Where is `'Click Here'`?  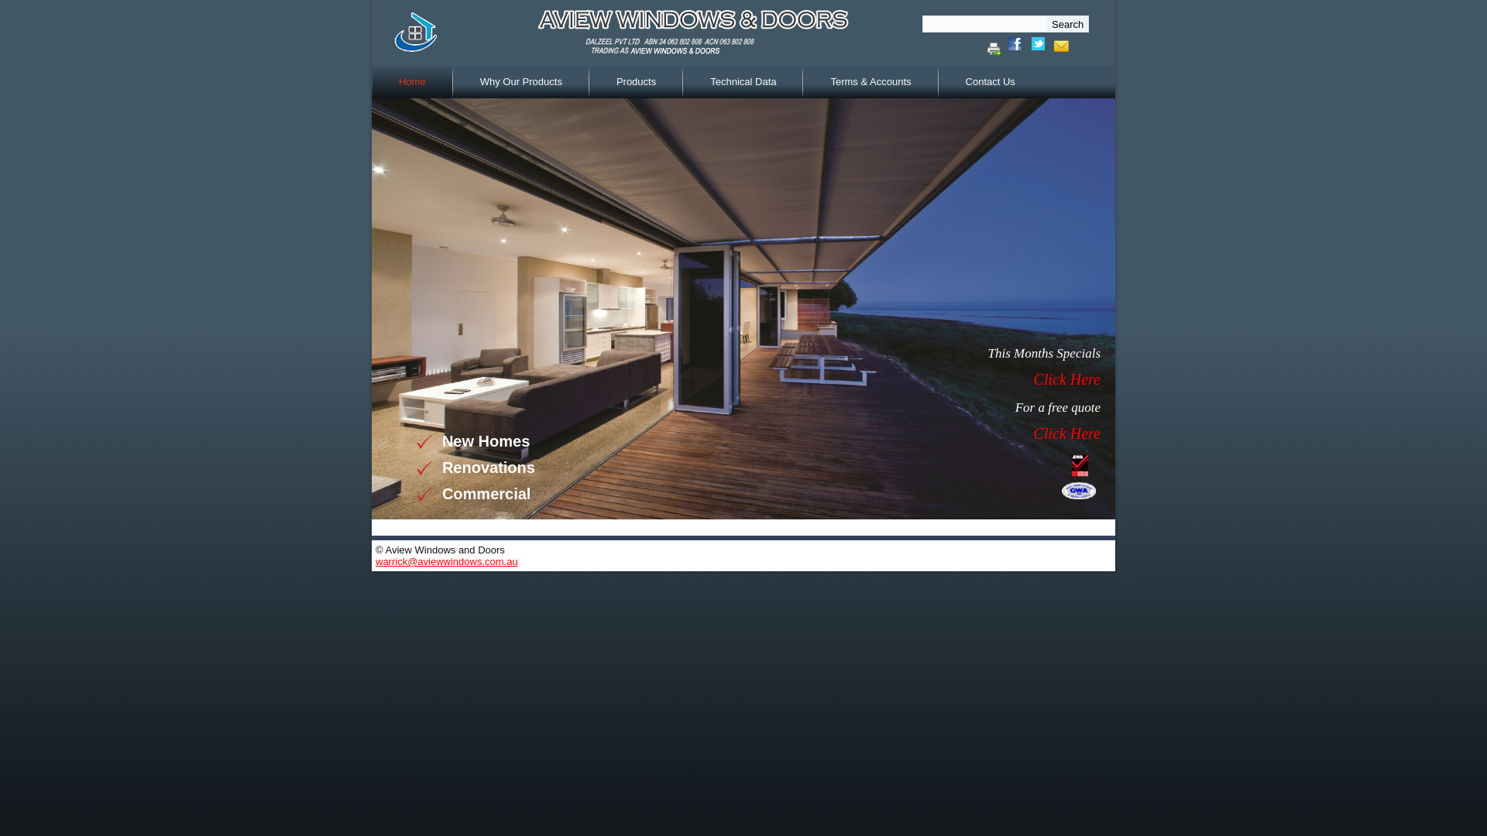
'Click Here' is located at coordinates (1066, 379).